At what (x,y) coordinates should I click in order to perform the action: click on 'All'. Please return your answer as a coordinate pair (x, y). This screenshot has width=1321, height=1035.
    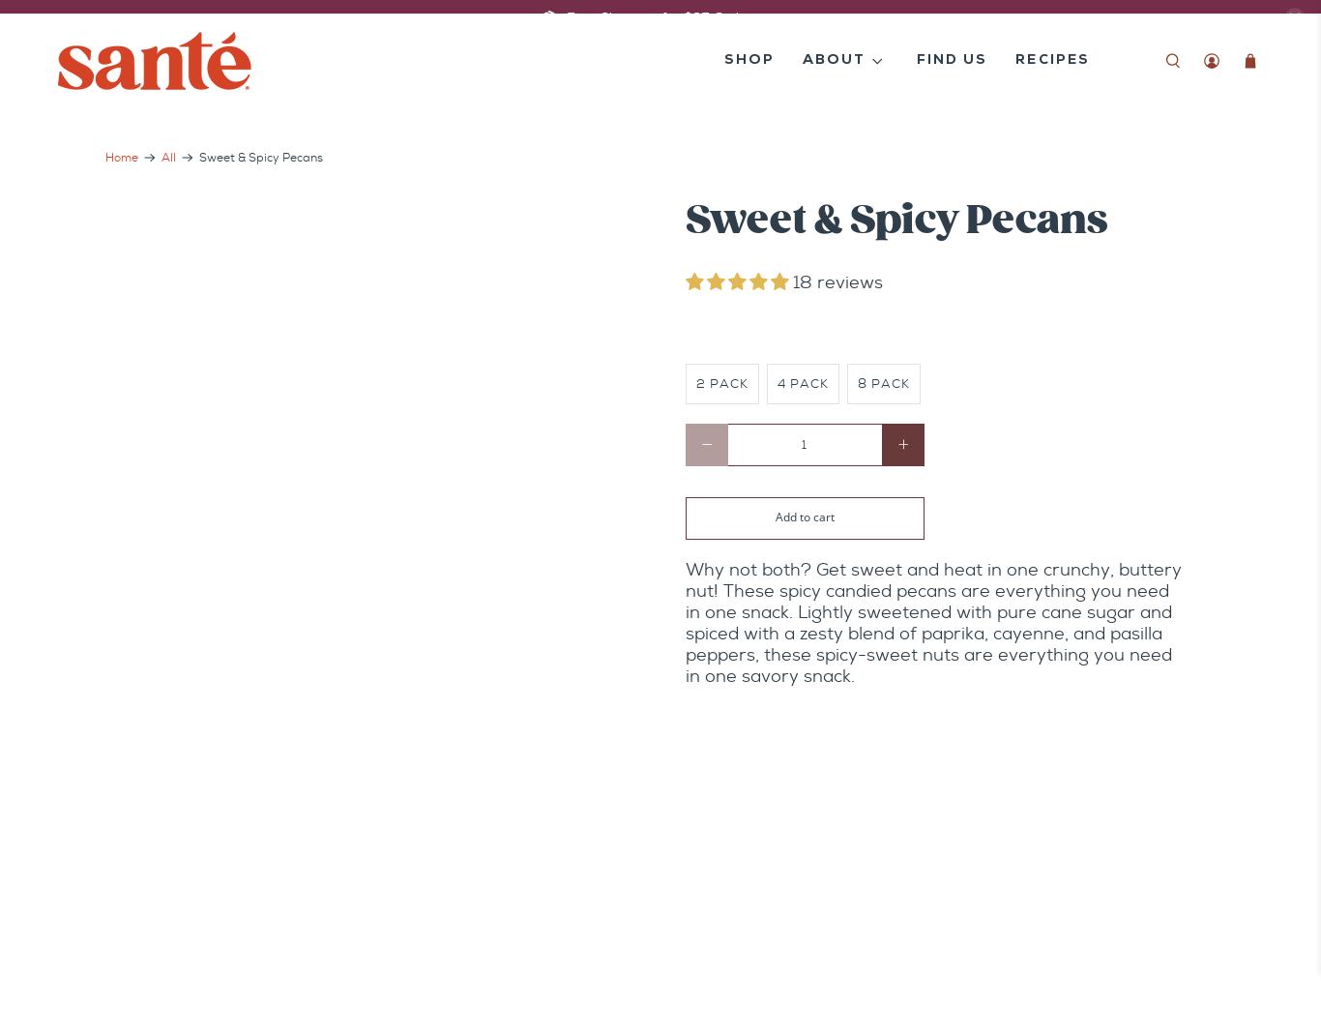
    Looking at the image, I should click on (167, 157).